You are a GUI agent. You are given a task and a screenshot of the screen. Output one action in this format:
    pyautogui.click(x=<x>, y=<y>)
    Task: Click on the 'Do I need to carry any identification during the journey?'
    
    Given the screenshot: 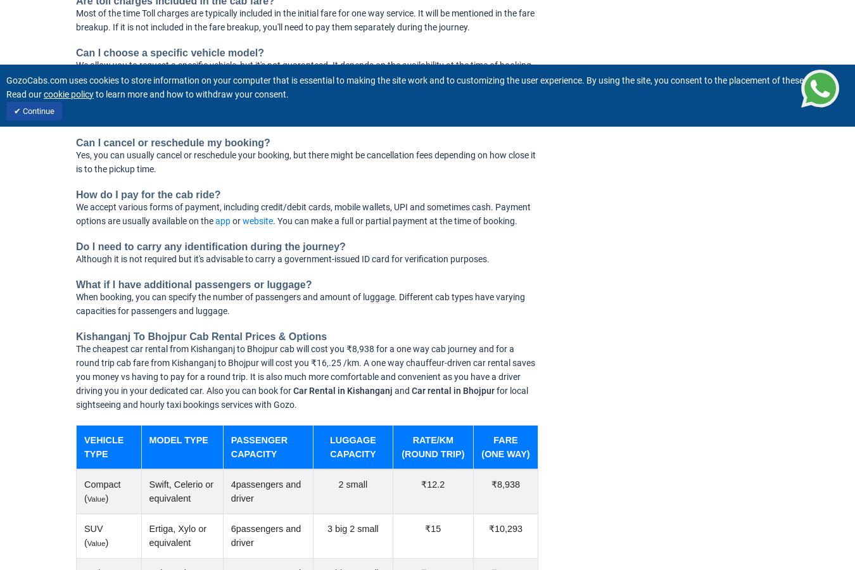 What is the action you would take?
    pyautogui.click(x=210, y=246)
    